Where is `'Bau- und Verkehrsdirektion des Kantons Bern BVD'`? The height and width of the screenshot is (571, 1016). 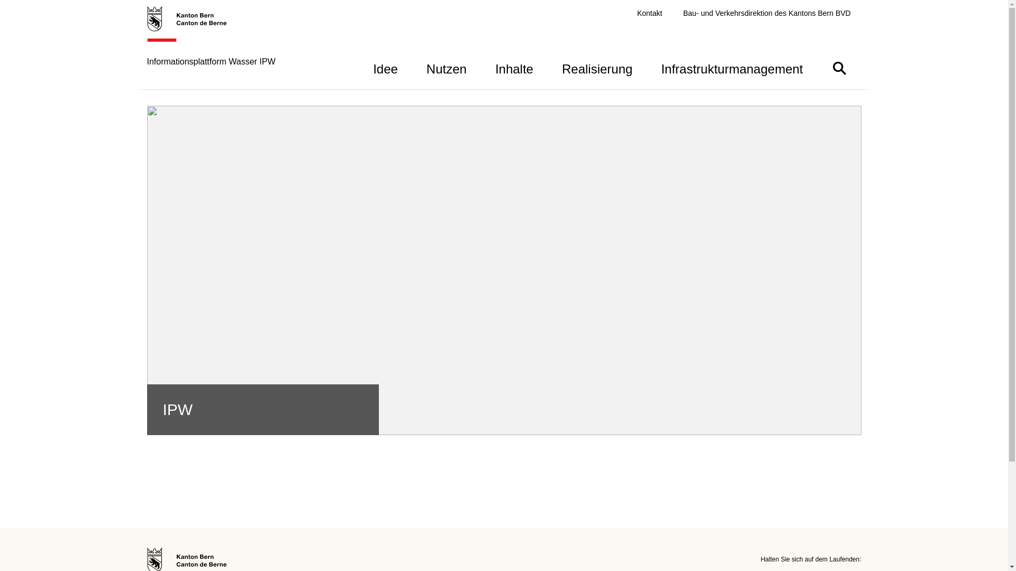
'Bau- und Verkehrsdirektion des Kantons Bern BVD' is located at coordinates (767, 13).